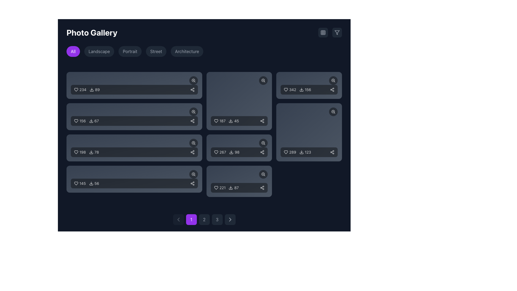 This screenshot has width=517, height=291. I want to click on the heart icon with the number '145' to like the item, located in the bottom-most card, leftmost segment, above the number '56', so click(79, 183).